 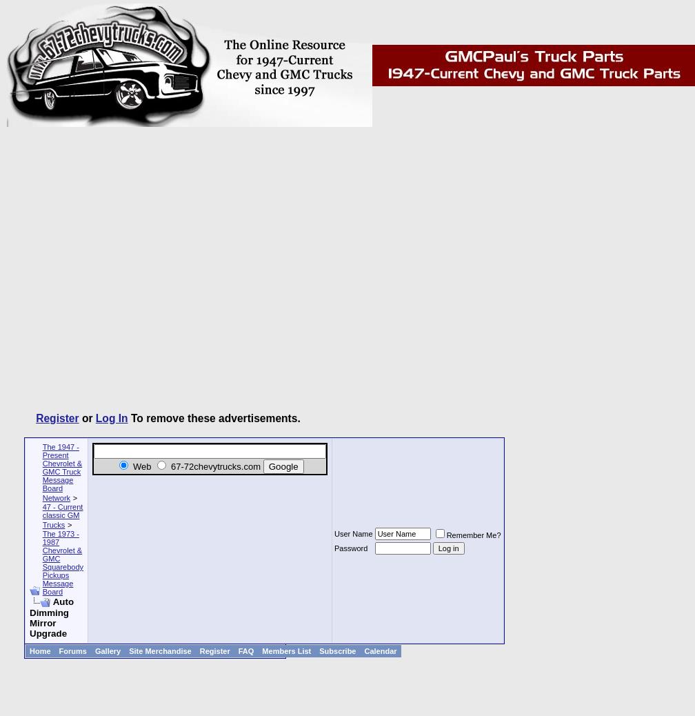 I want to click on 'Calendar', so click(x=380, y=650).